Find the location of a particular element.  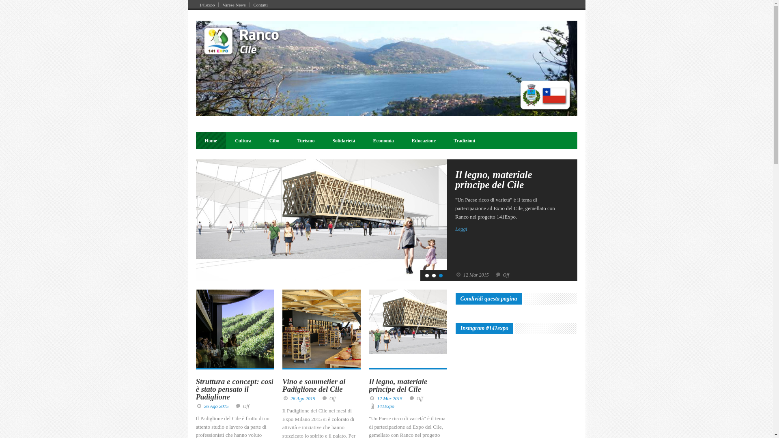

'Varese News' is located at coordinates (233, 4).